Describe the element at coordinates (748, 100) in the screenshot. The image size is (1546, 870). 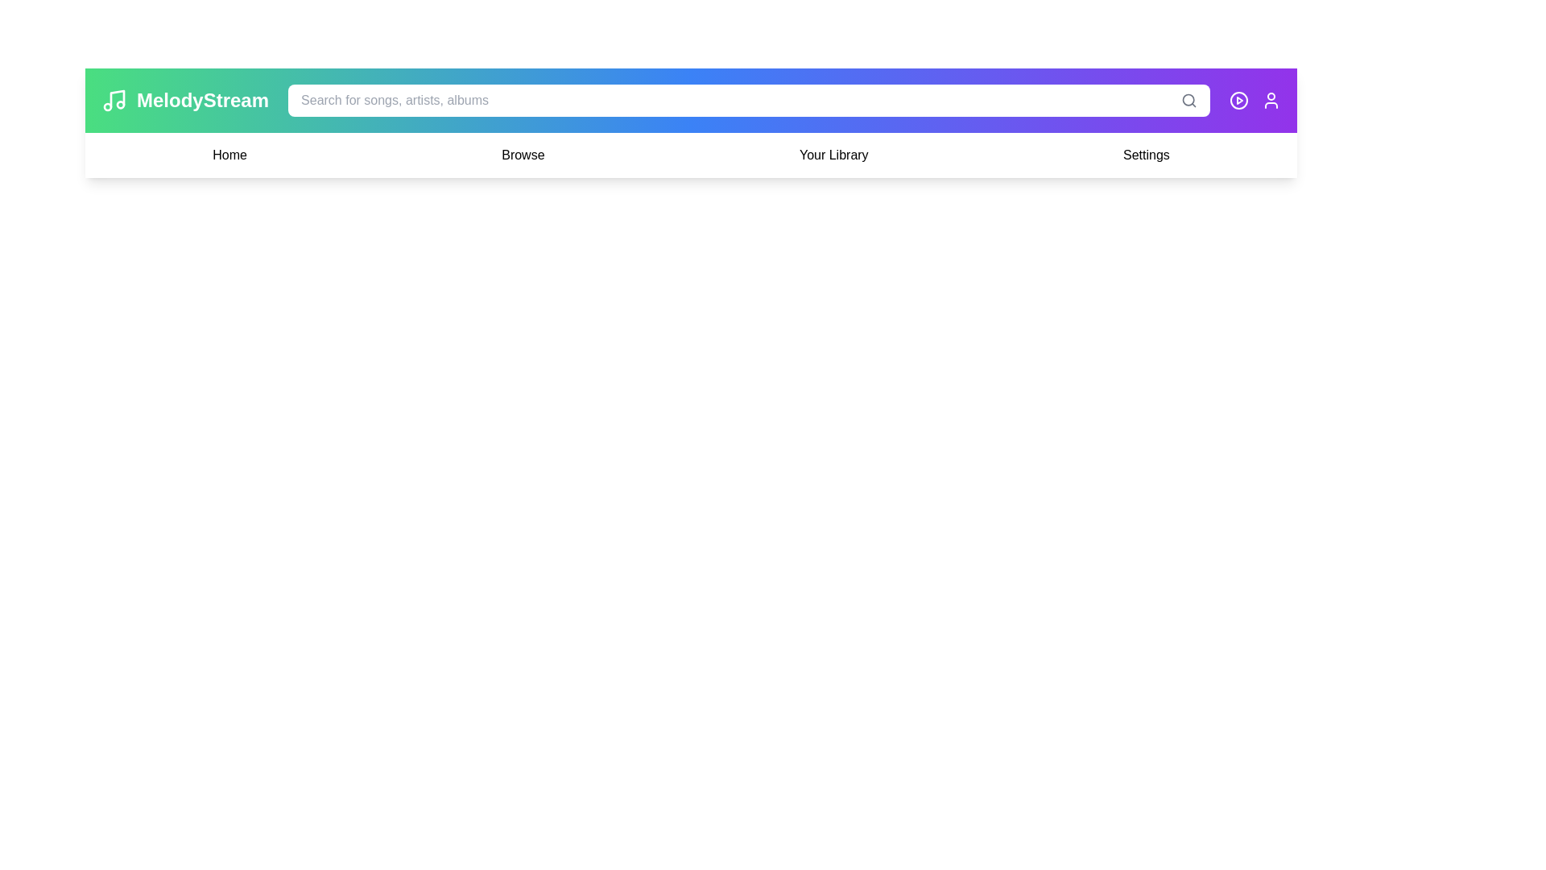
I see `the search bar to focus it` at that location.